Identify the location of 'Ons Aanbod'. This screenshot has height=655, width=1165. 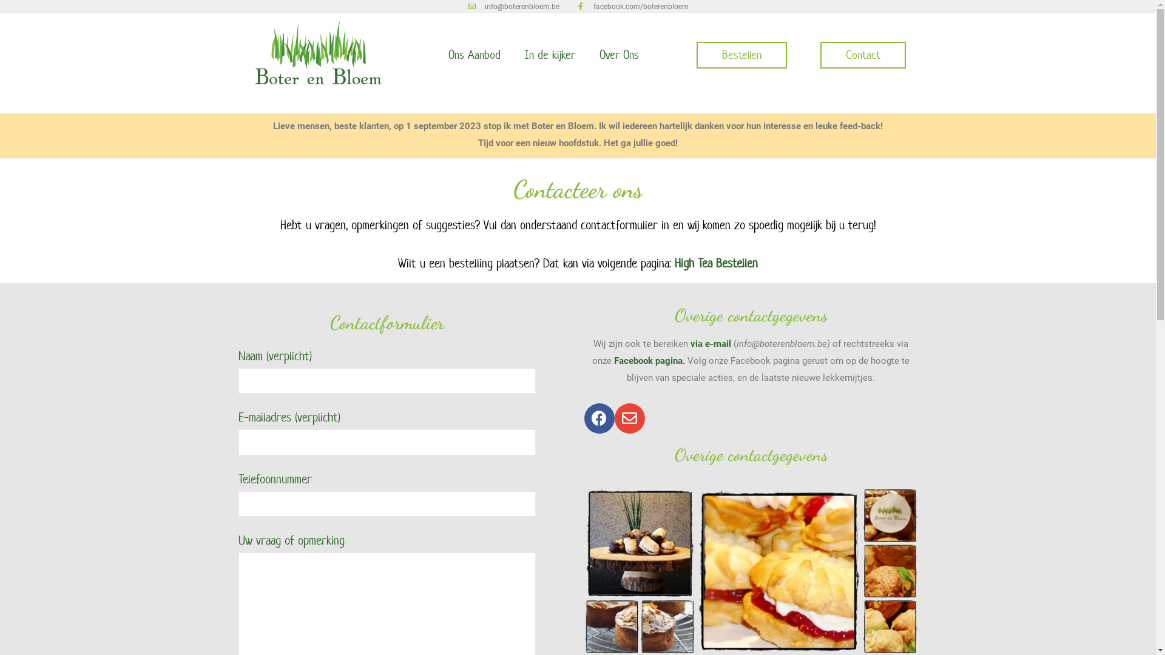
(473, 55).